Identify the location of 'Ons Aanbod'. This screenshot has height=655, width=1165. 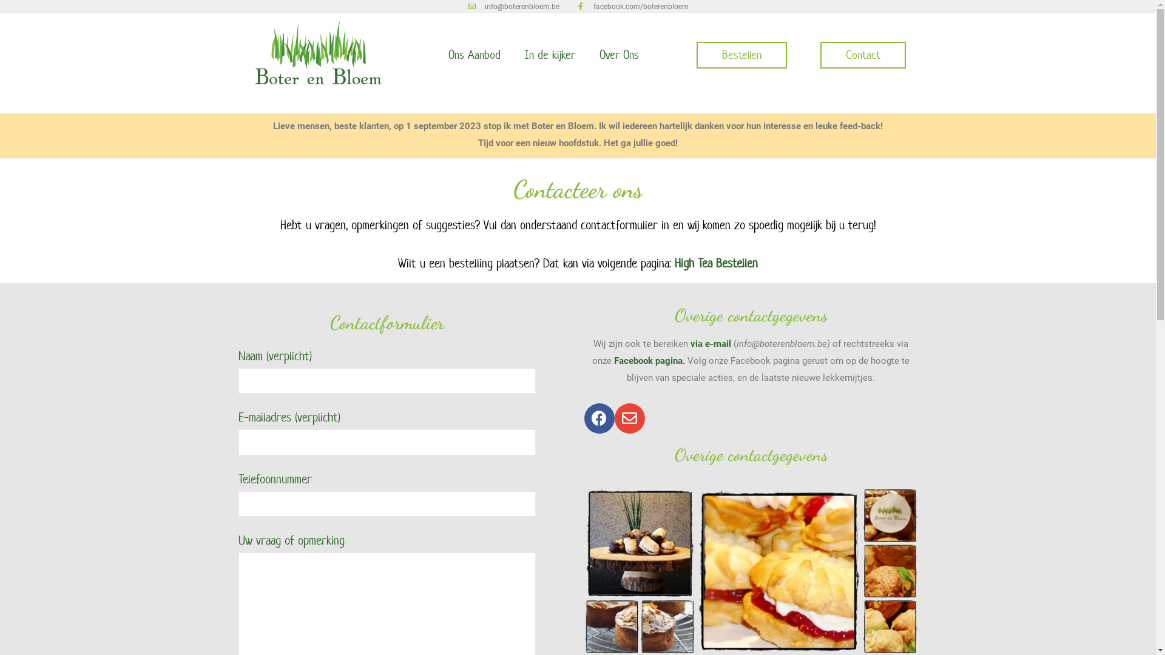
(473, 55).